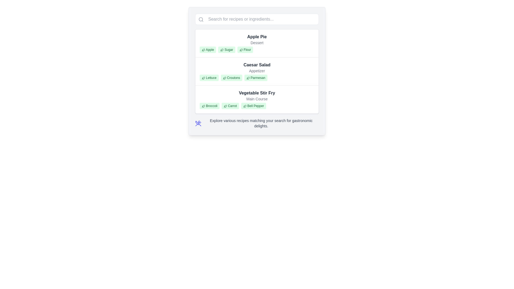  What do you see at coordinates (241, 50) in the screenshot?
I see `the leaf icon associated with the 'Flour' label for the Apple Pie recipe` at bounding box center [241, 50].